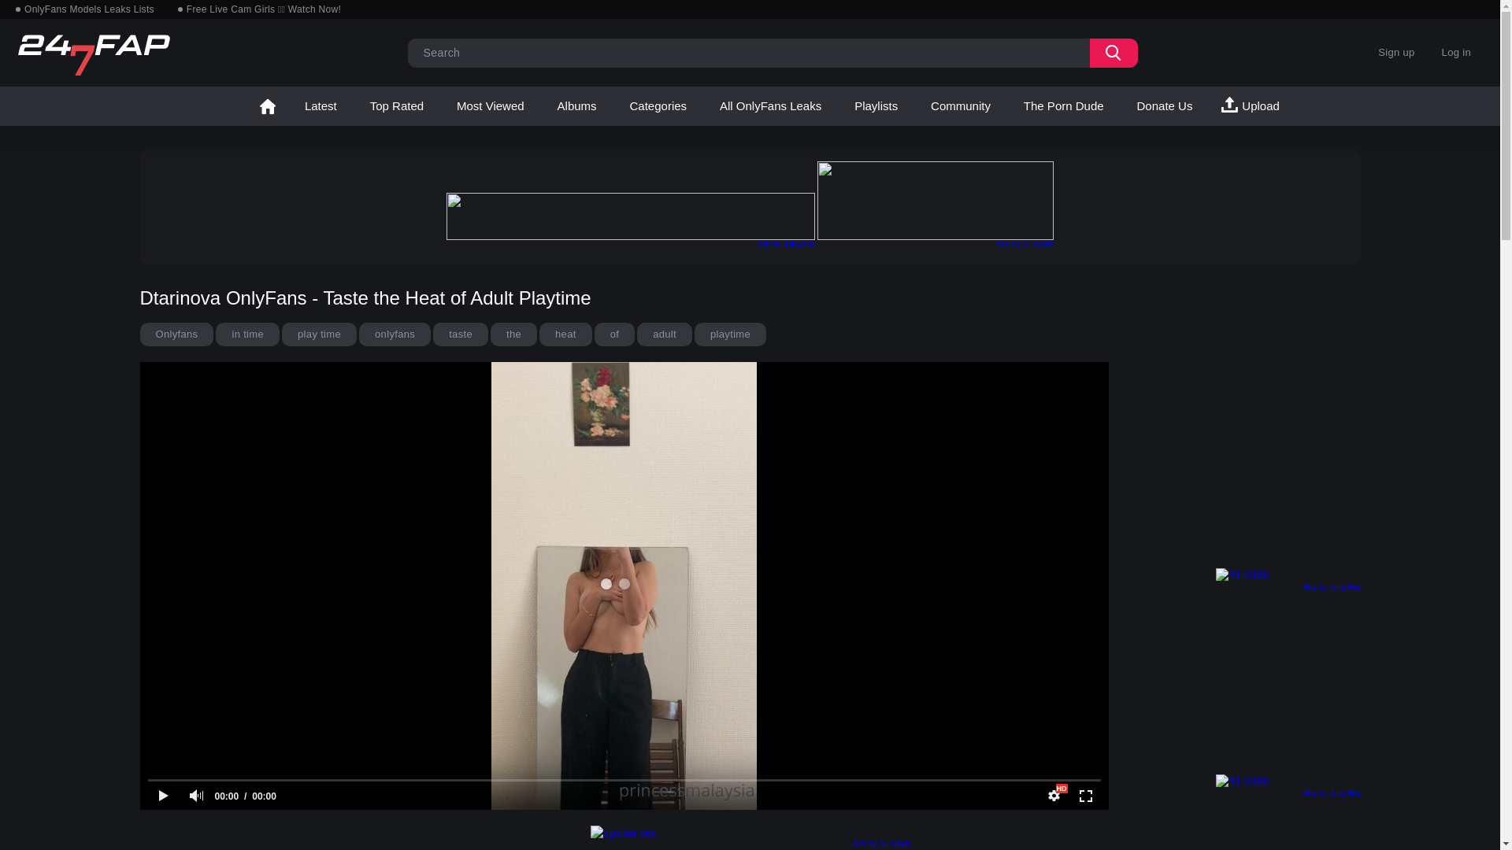  What do you see at coordinates (1429, 51) in the screenshot?
I see `'Log in'` at bounding box center [1429, 51].